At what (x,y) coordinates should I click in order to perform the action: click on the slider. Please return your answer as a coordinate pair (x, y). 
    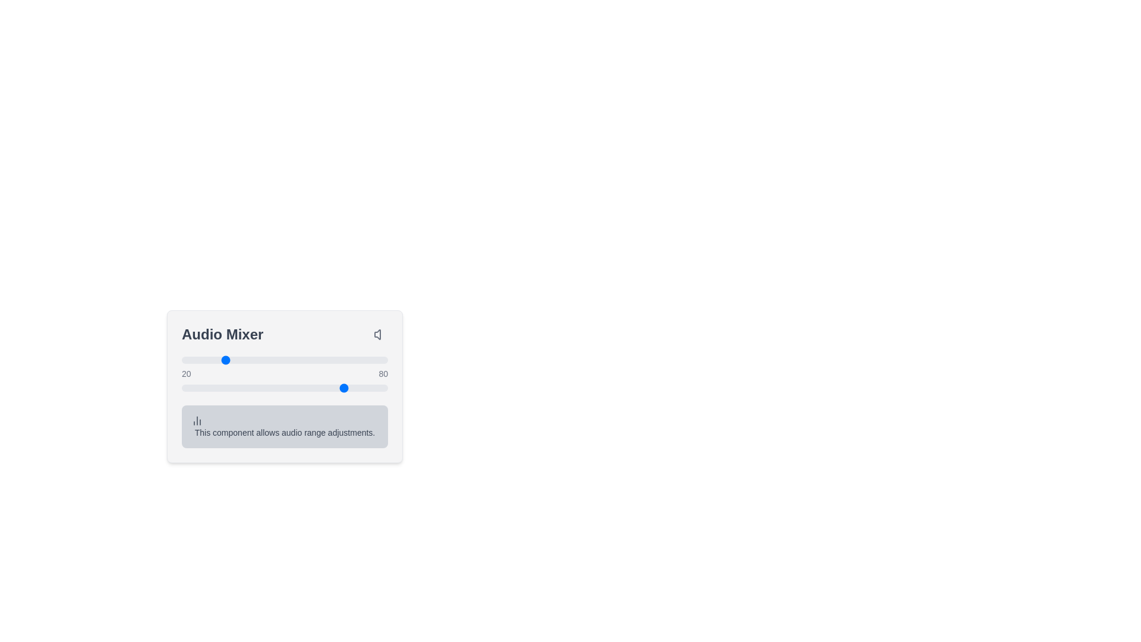
    Looking at the image, I should click on (375, 359).